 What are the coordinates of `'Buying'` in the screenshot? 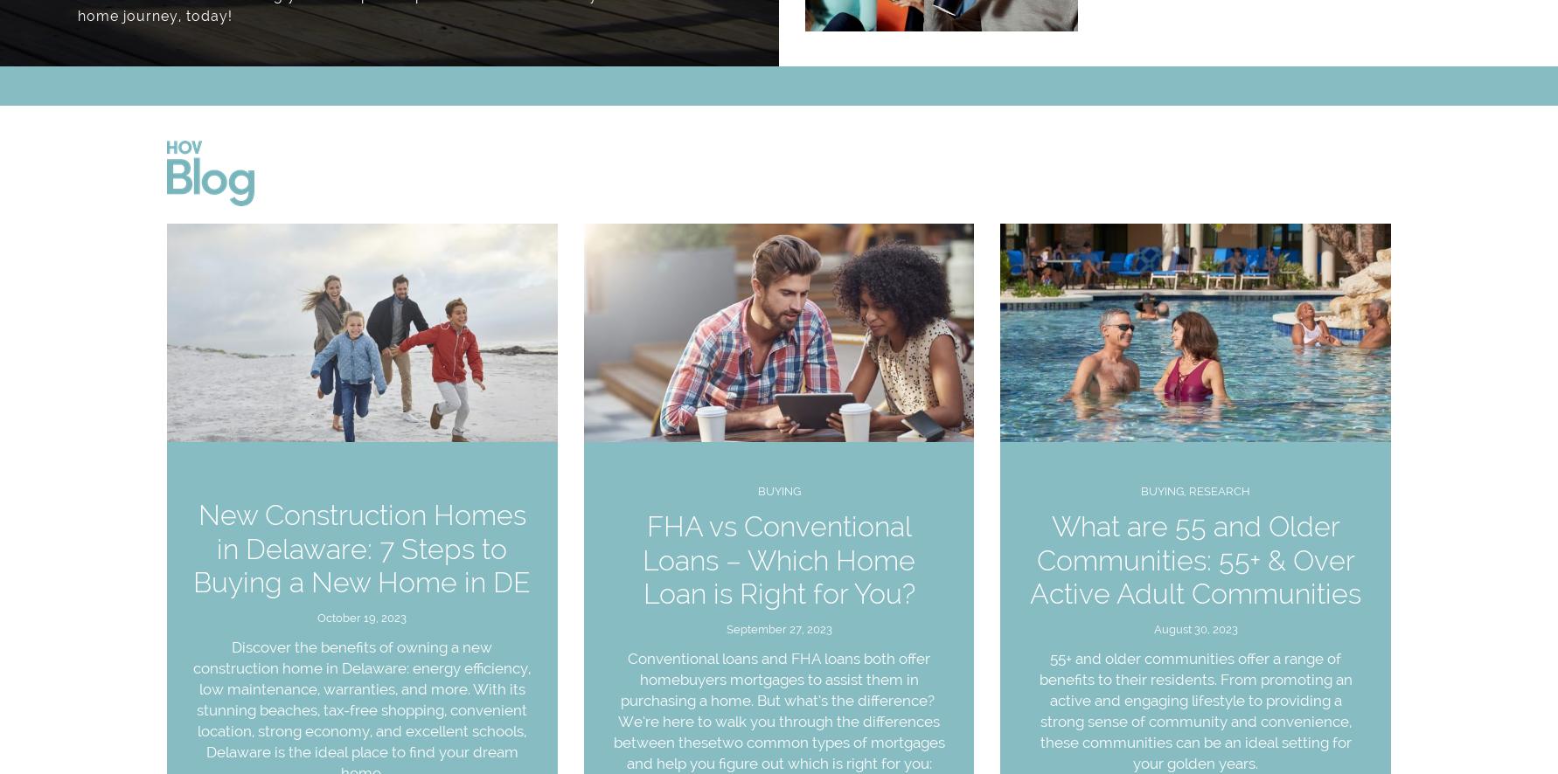 It's located at (756, 491).